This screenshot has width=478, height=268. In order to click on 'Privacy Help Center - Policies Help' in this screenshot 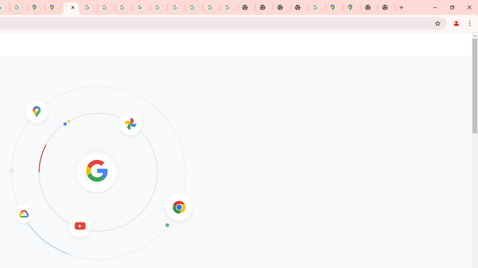, I will do `click(89, 7)`.